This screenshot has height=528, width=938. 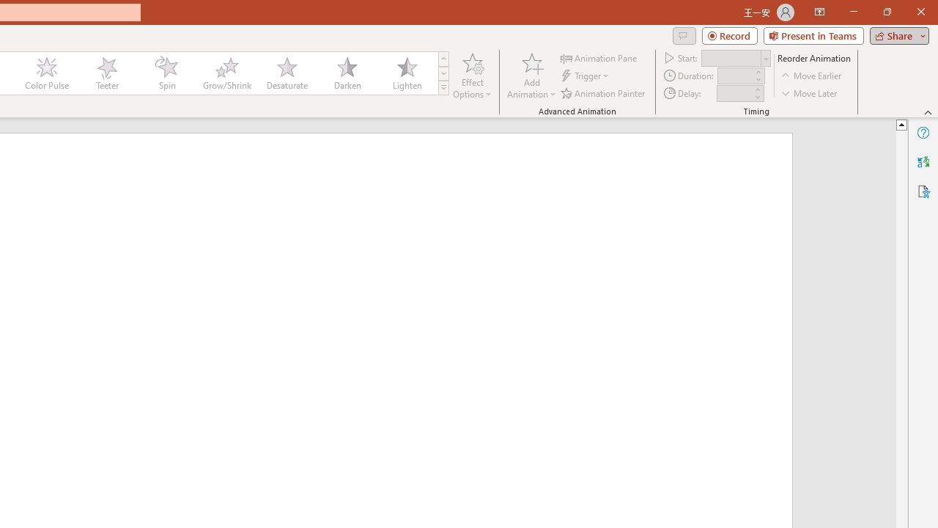 I want to click on 'More', so click(x=757, y=89).